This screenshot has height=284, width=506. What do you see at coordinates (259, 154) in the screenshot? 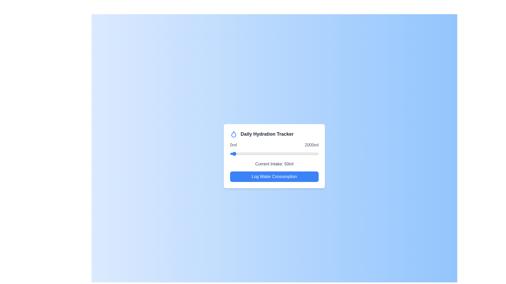
I see `the hydration slider to set the water intake to 656 ml` at bounding box center [259, 154].